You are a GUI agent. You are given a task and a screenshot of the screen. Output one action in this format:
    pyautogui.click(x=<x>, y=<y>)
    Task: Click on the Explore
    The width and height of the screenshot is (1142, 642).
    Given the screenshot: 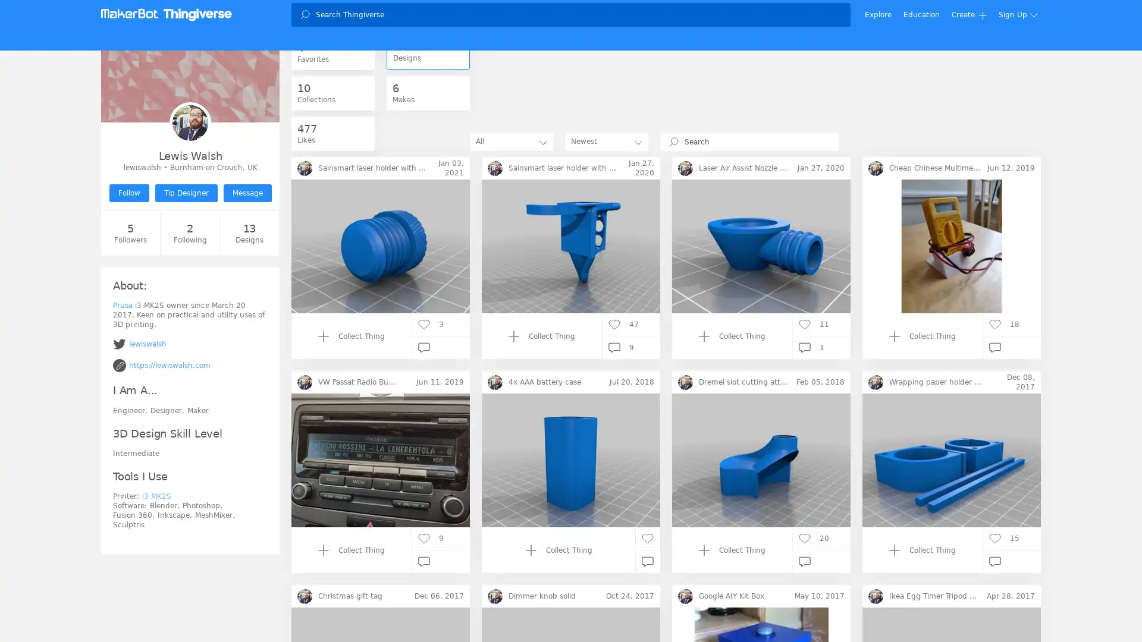 What is the action you would take?
    pyautogui.click(x=878, y=14)
    